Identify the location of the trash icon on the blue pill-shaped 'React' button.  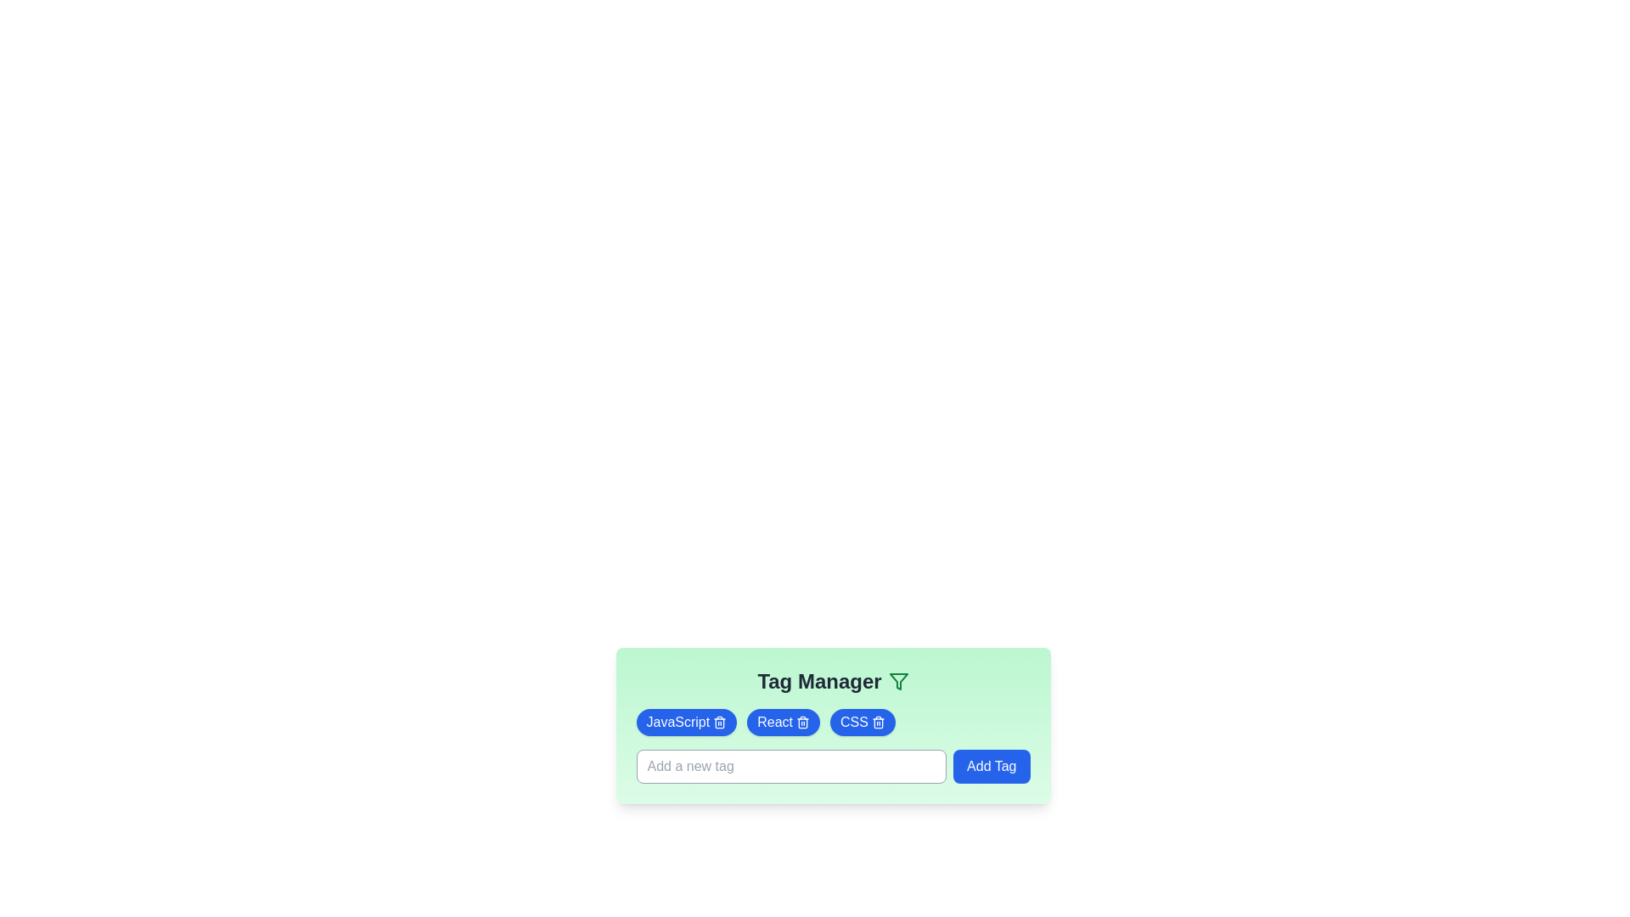
(783, 723).